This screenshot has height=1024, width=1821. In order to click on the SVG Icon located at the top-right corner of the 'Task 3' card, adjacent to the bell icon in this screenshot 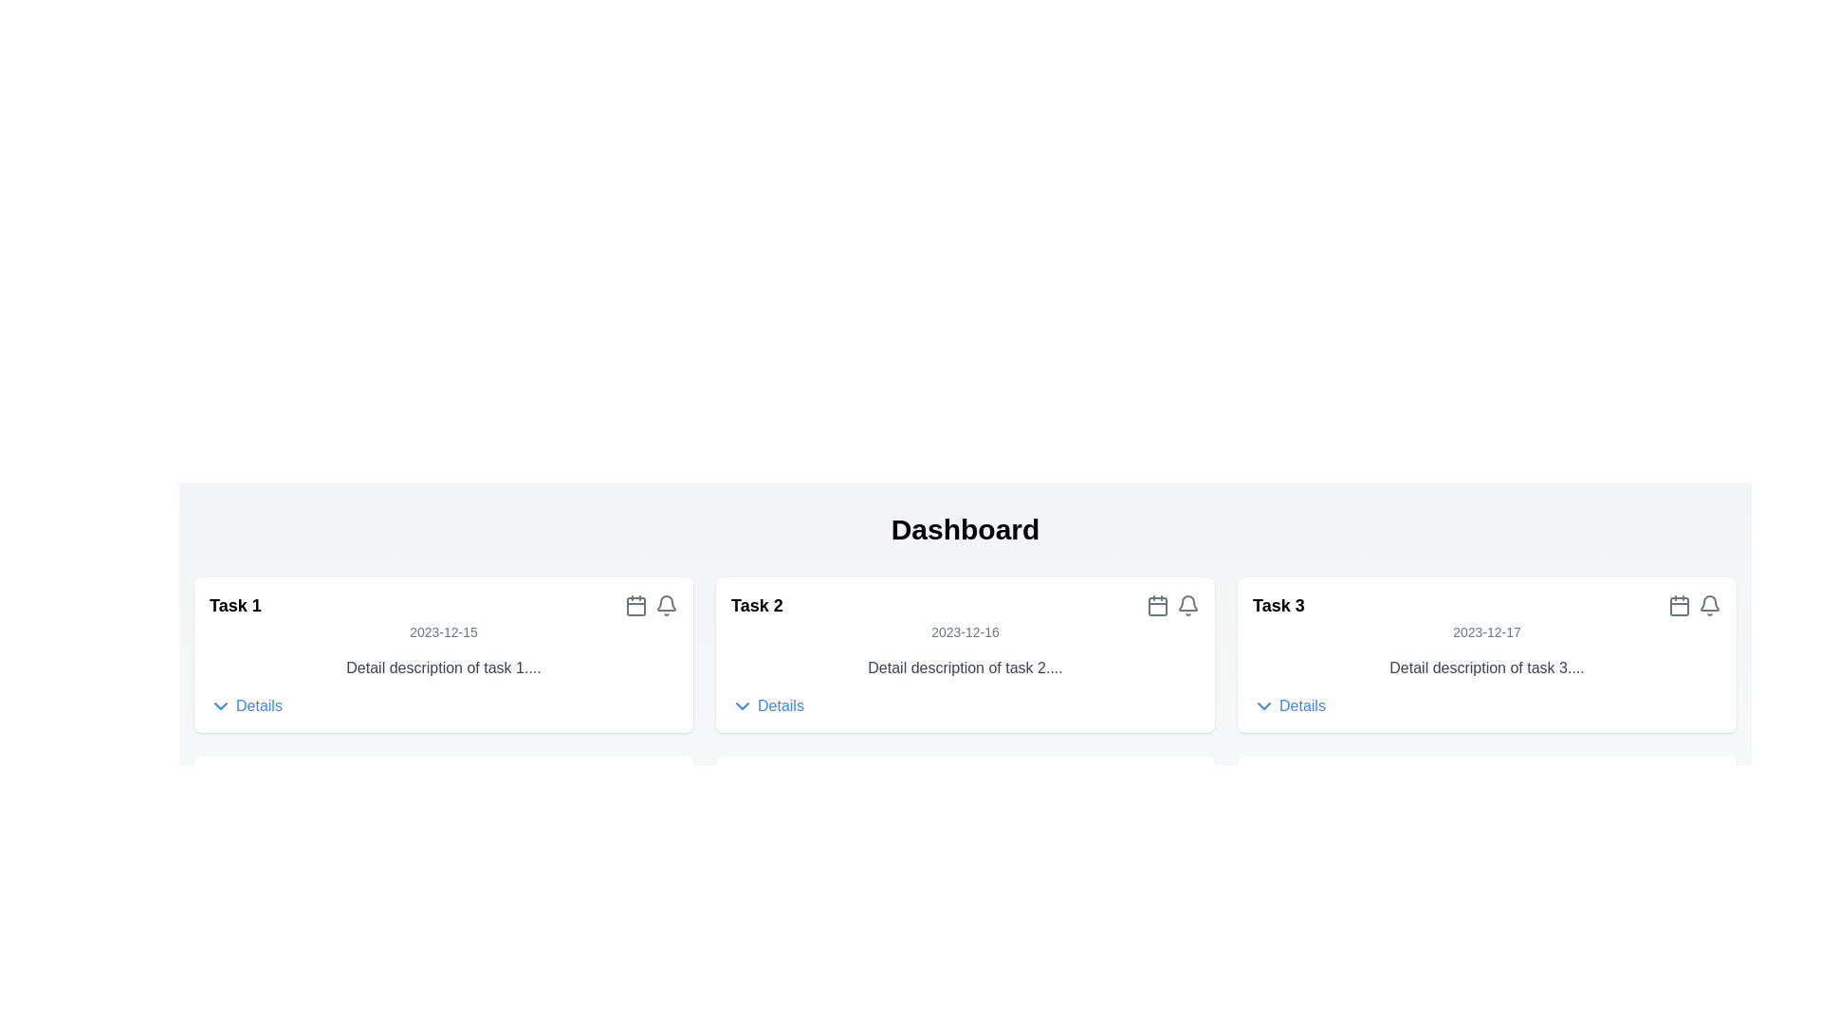, I will do `click(1680, 606)`.